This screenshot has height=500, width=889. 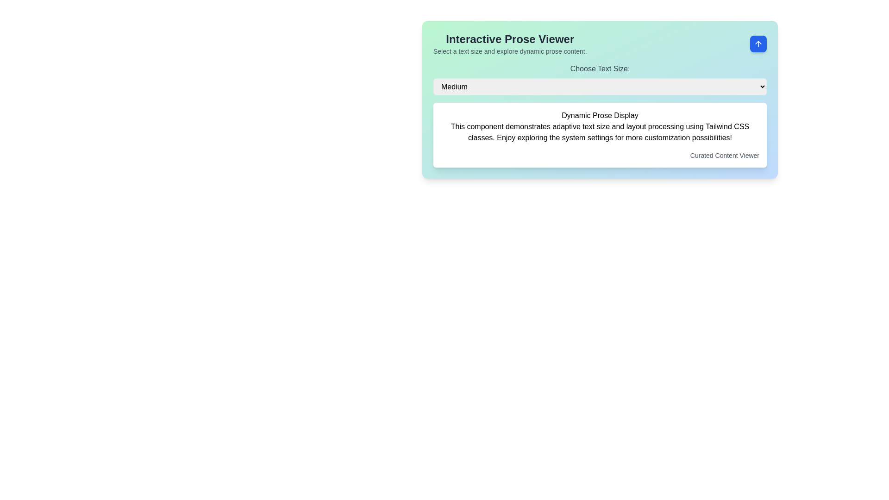 What do you see at coordinates (509, 51) in the screenshot?
I see `the text label that reads 'Select a text size and explore dynamic prose content.', which is positioned below the bold heading 'Interactive Prose Viewer'` at bounding box center [509, 51].